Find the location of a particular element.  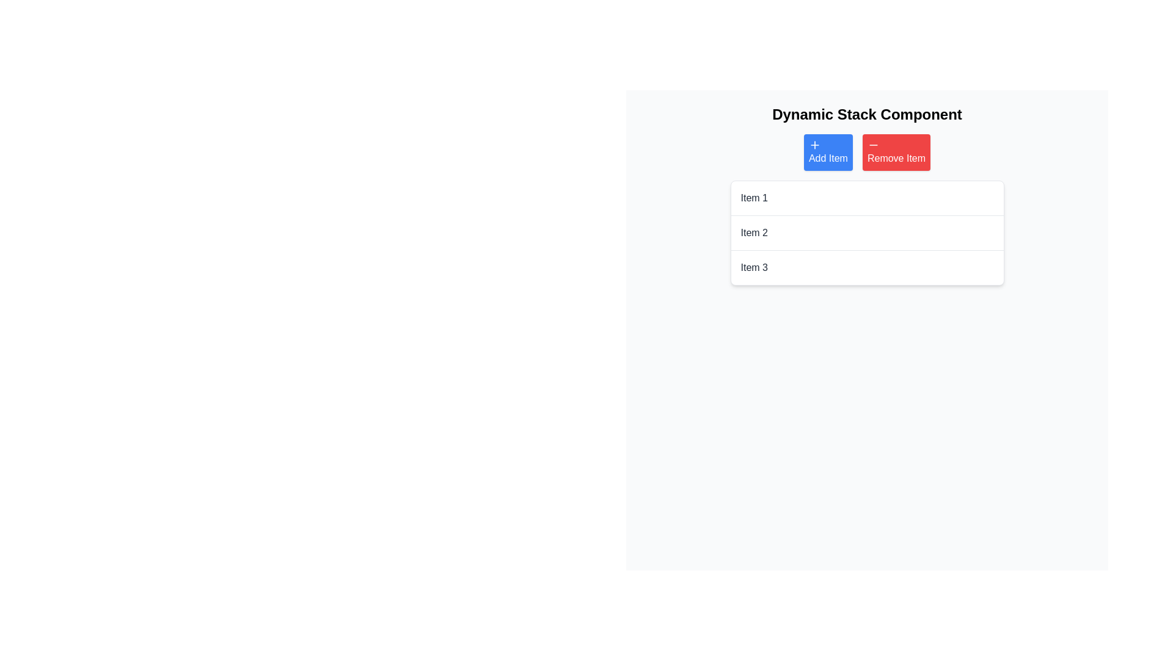

the static text label displaying 'Item 3', which is the third entry in a vertical list below 'Item 1' and 'Item 2' is located at coordinates (753, 267).